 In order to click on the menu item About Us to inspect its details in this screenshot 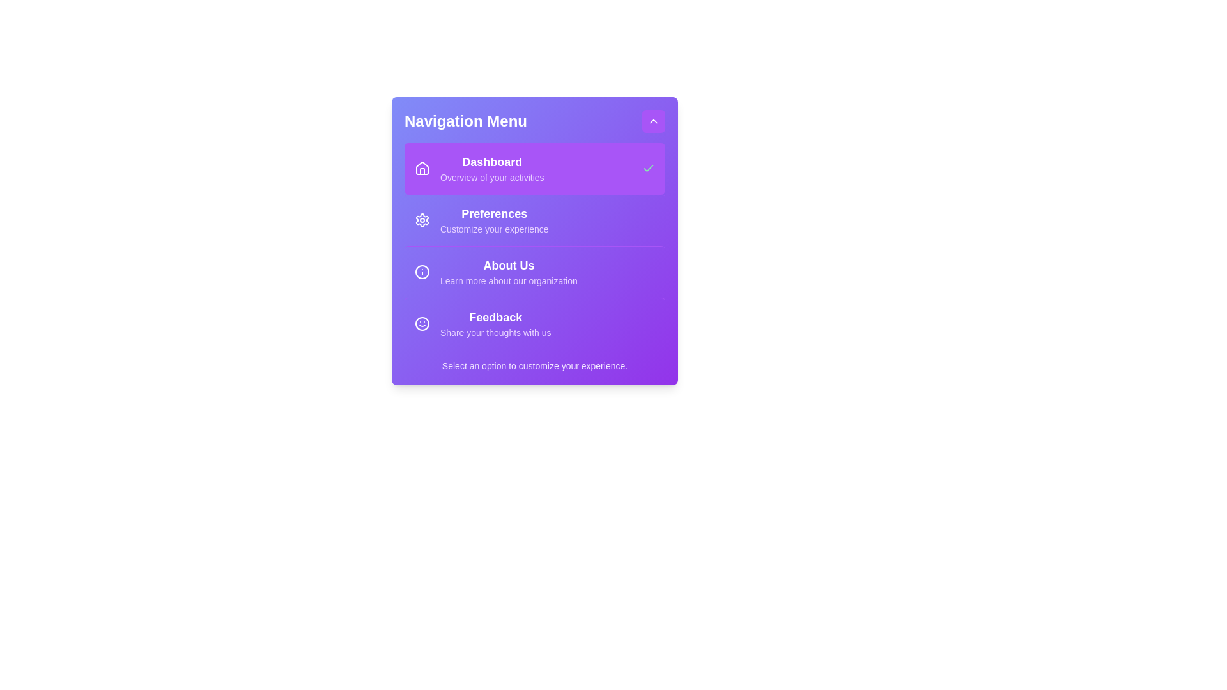, I will do `click(534, 271)`.